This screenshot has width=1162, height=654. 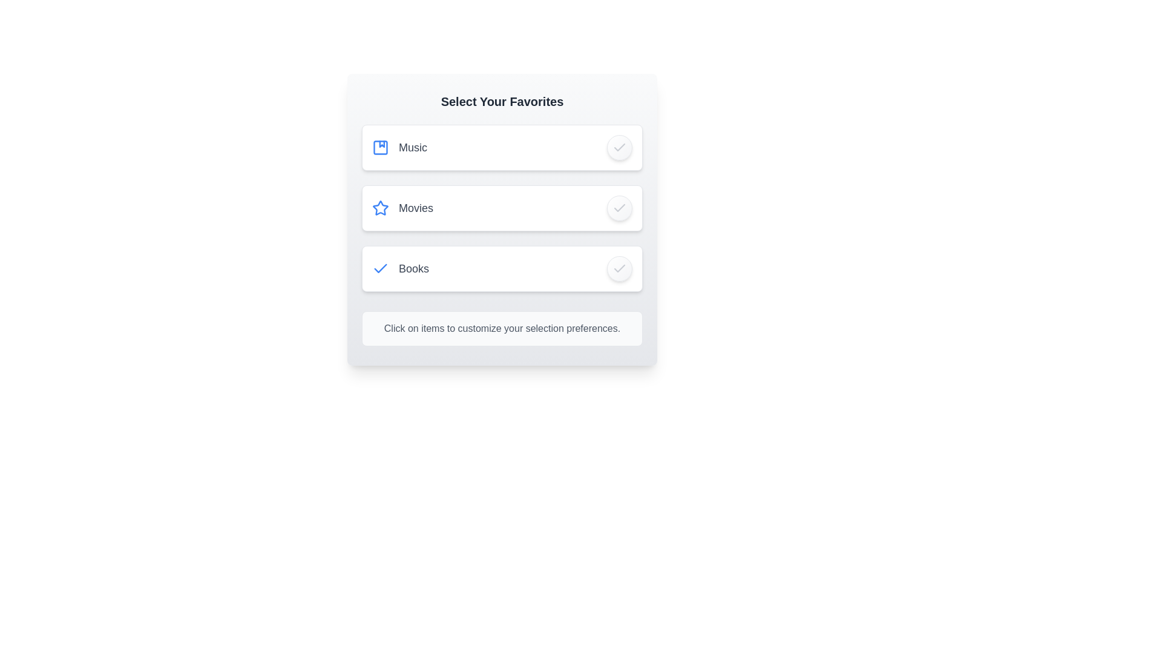 I want to click on the toggle button in the top-right corner of the Movies row within the 'Select Your Favorites' panel, so click(x=619, y=207).